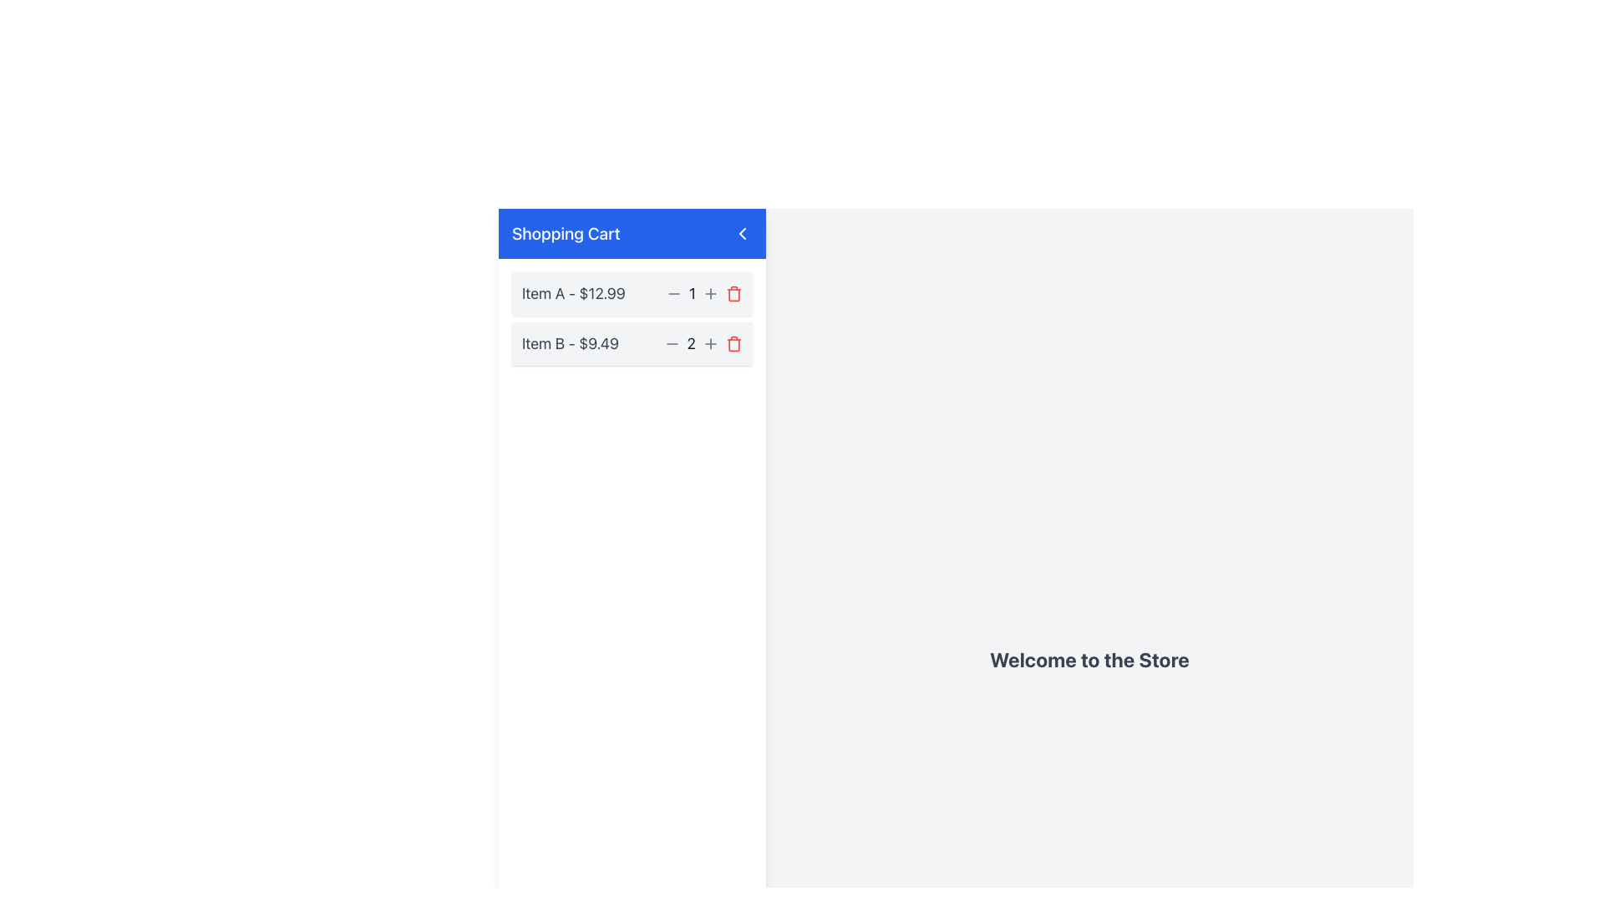 The image size is (1604, 902). Describe the element at coordinates (733, 292) in the screenshot. I see `the trash icon button located to the right of the '+' button in the 'Item A - $12.99' section of the shopping cart` at that location.